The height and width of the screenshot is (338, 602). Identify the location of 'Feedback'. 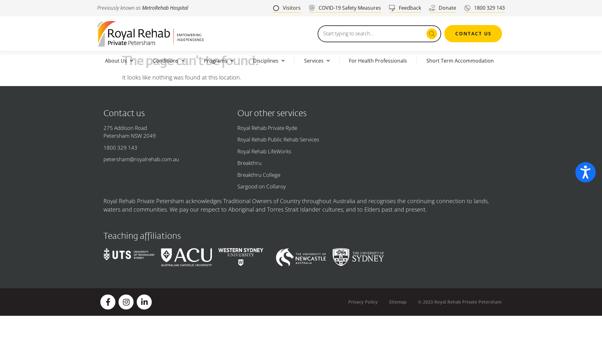
(405, 8).